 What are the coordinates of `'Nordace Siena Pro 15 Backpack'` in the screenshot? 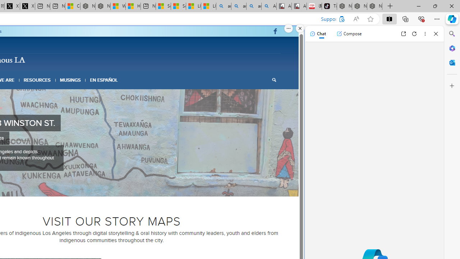 It's located at (359, 6).